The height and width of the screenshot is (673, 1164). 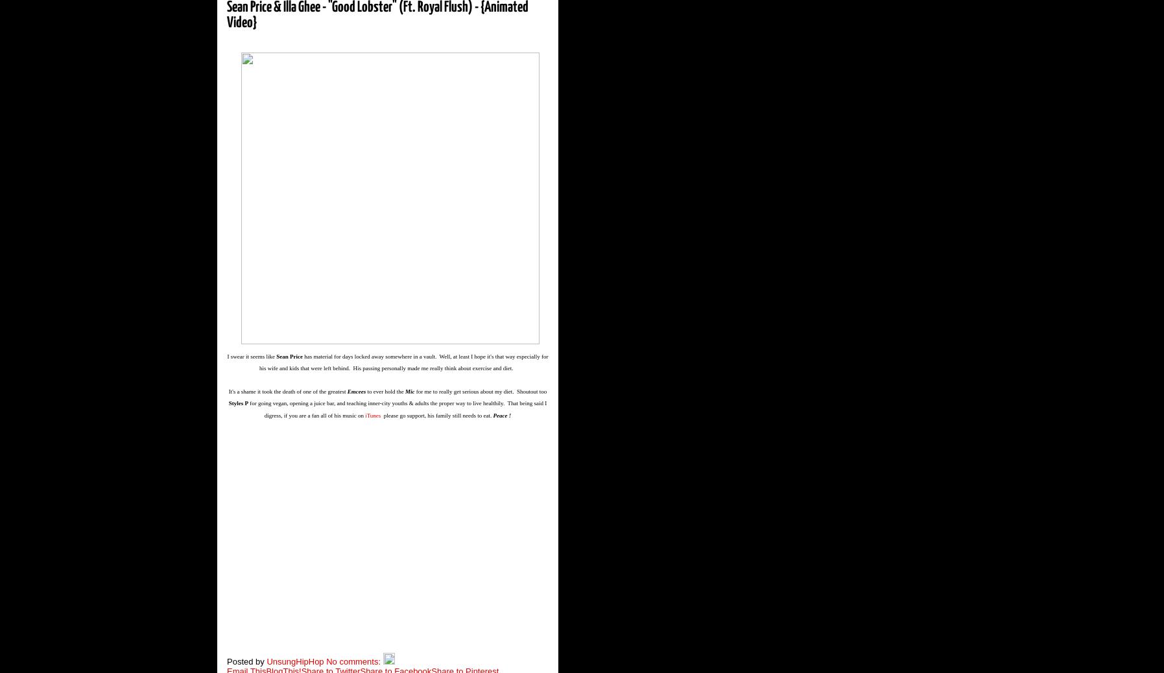 What do you see at coordinates (267, 661) in the screenshot?
I see `'UnsungHipHop'` at bounding box center [267, 661].